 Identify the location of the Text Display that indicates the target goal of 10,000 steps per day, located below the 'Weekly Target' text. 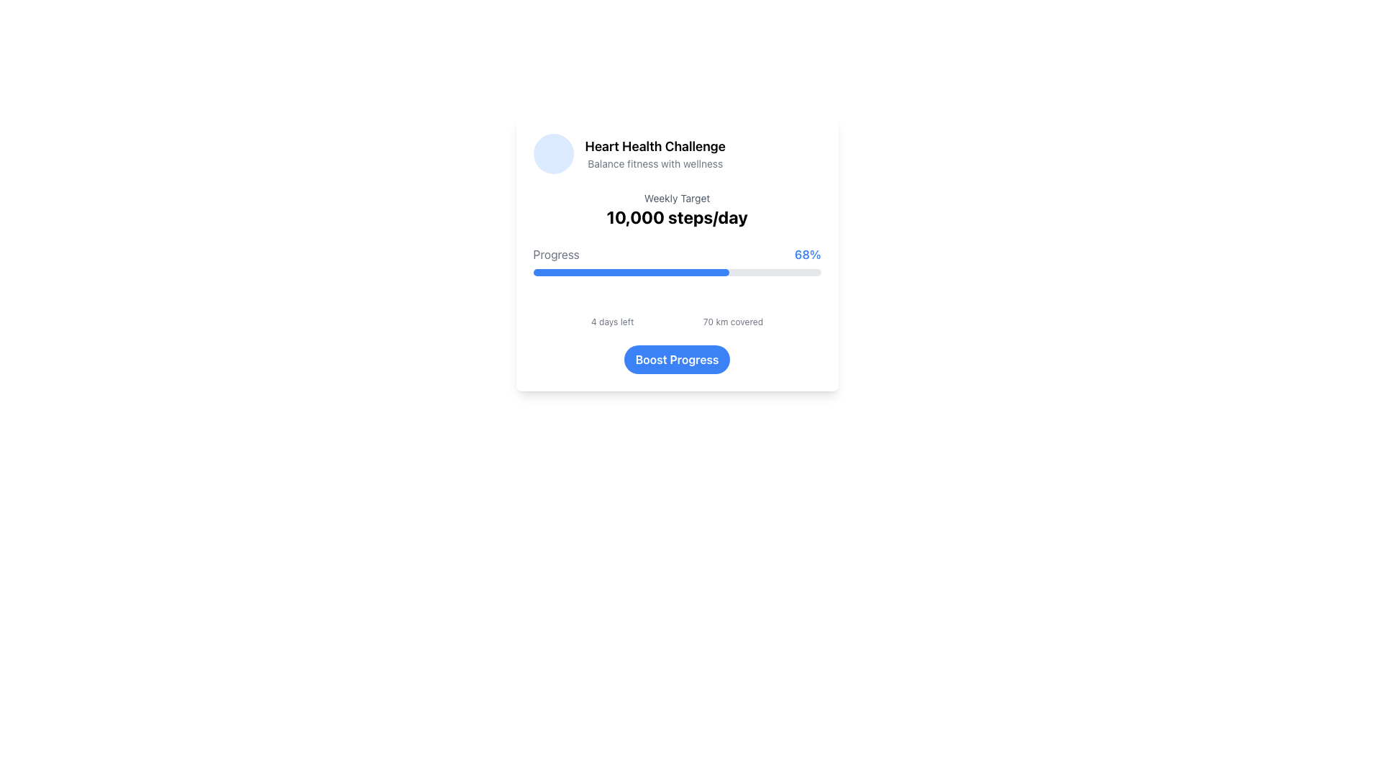
(676, 217).